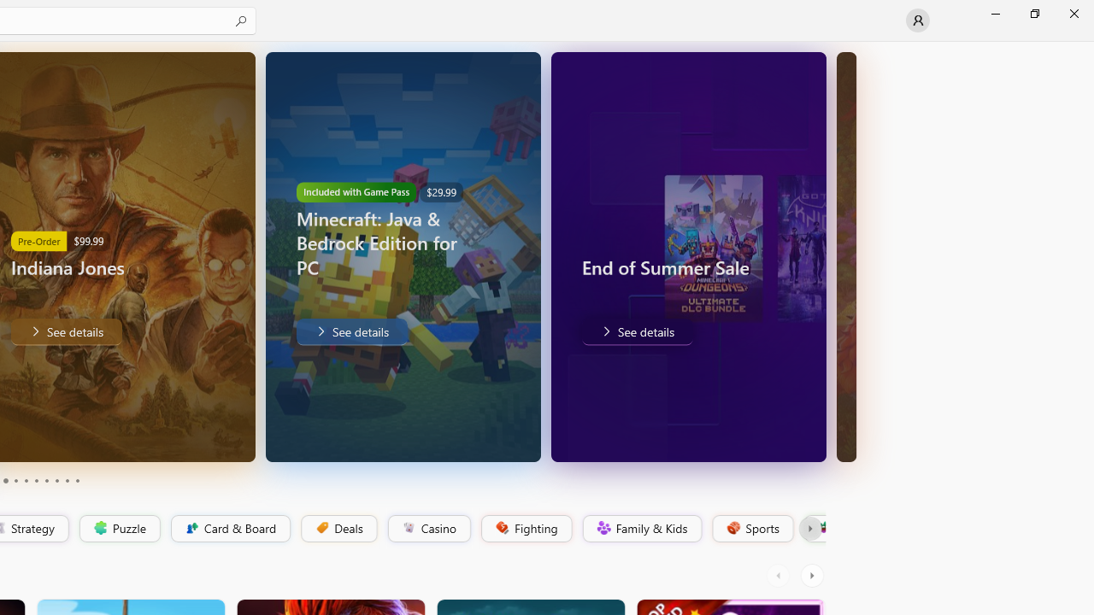 Image resolution: width=1094 pixels, height=615 pixels. Describe the element at coordinates (26, 481) in the screenshot. I see `'Page 5'` at that location.